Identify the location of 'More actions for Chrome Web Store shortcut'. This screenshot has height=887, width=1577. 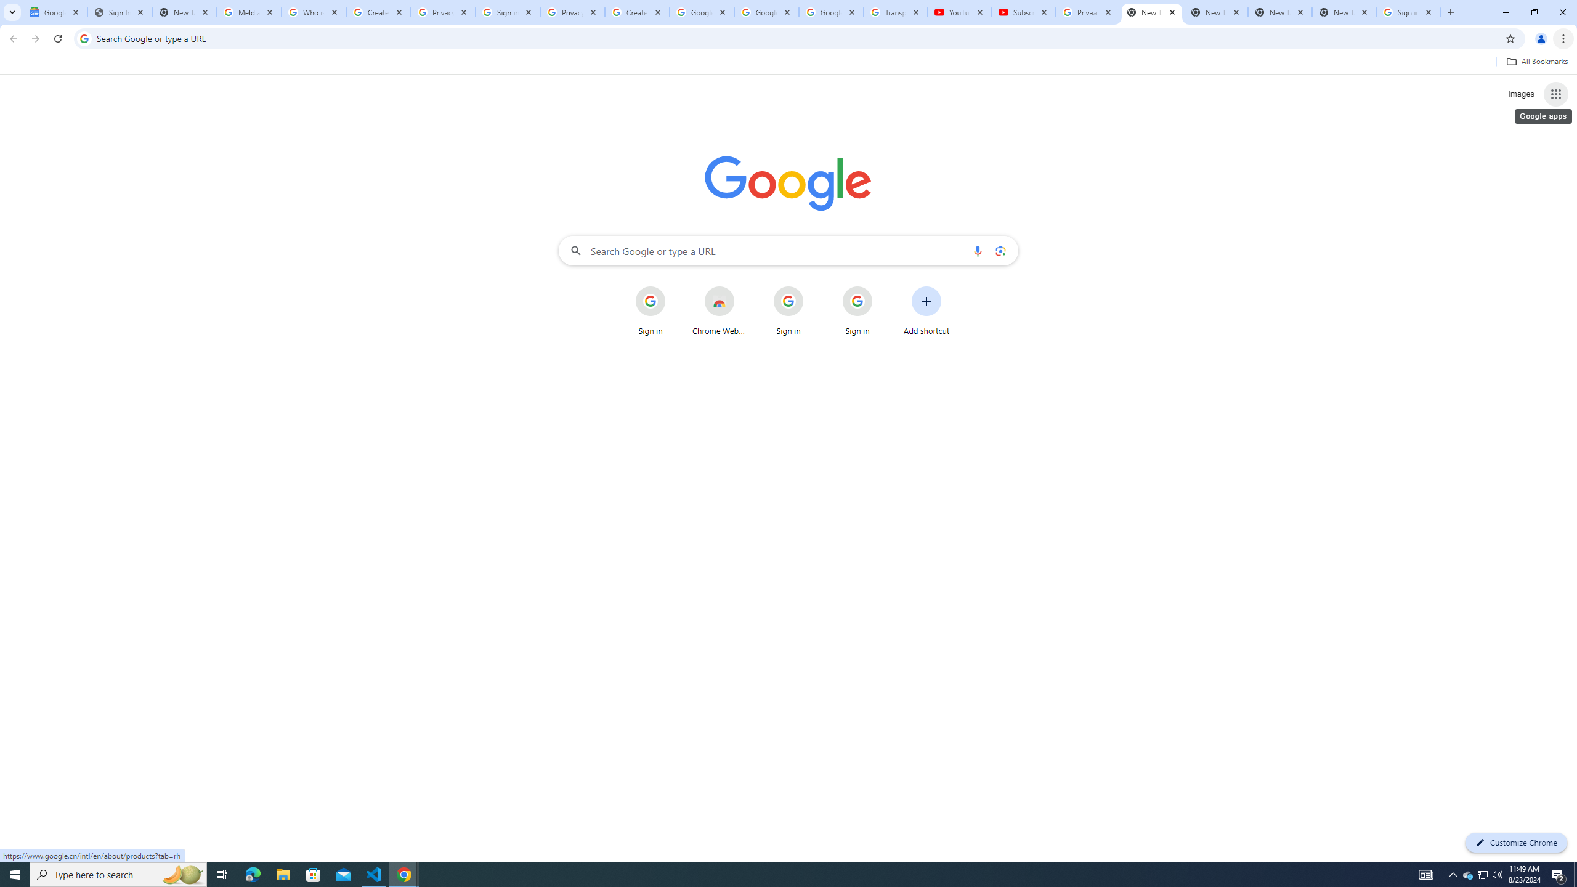
(743, 288).